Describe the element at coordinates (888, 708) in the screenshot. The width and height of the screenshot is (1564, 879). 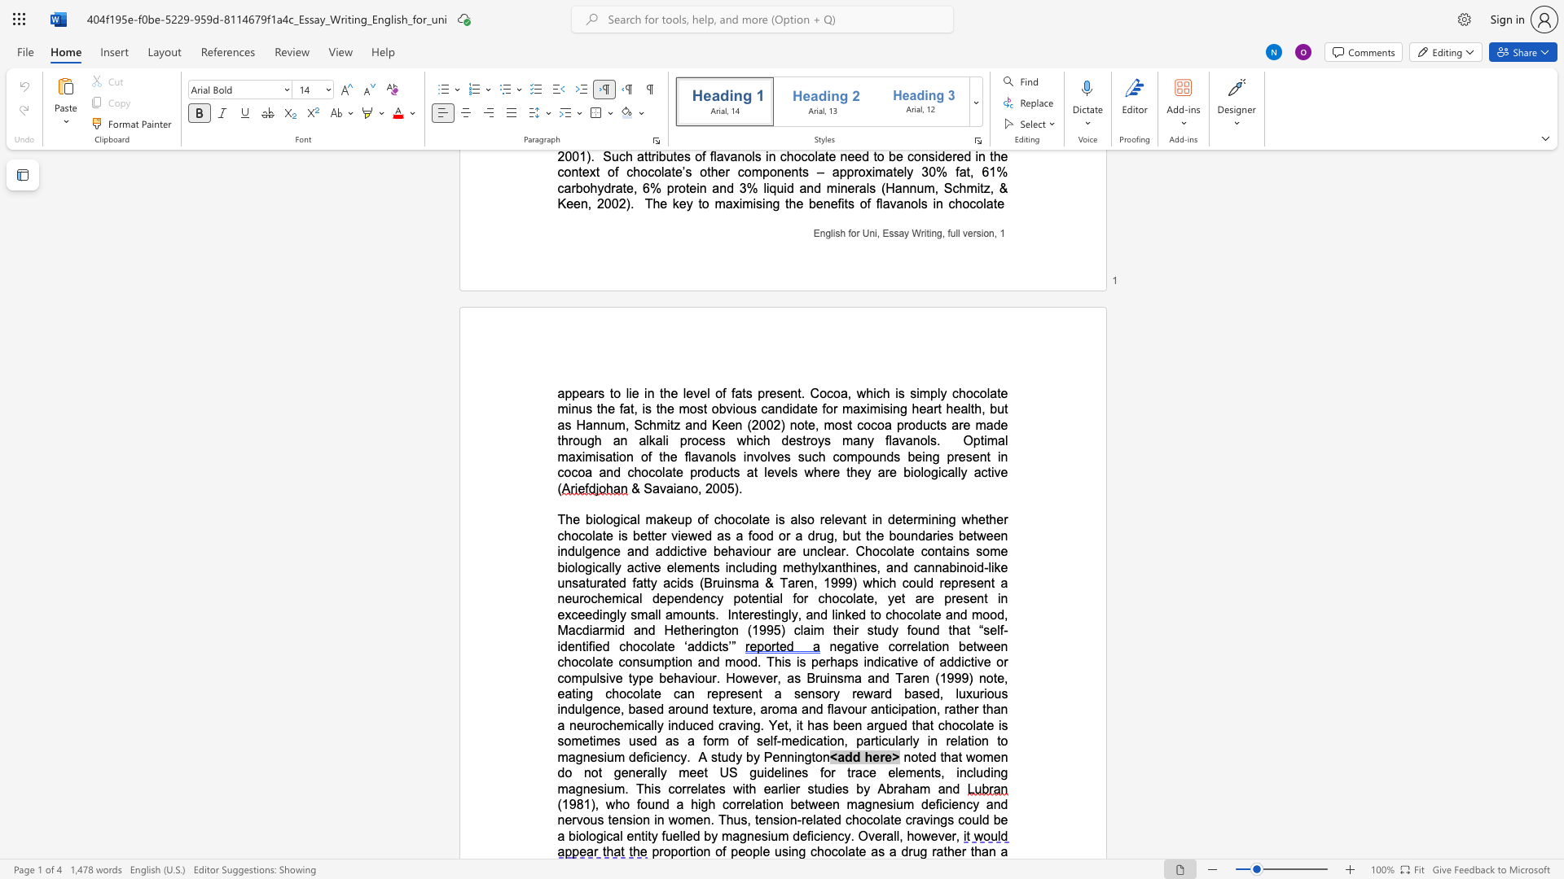
I see `the subset text "icipation, r" within the text "and flavour anticipation, rather than a neurochemically induced craving. Yet, it has been argued that chocolate"` at that location.